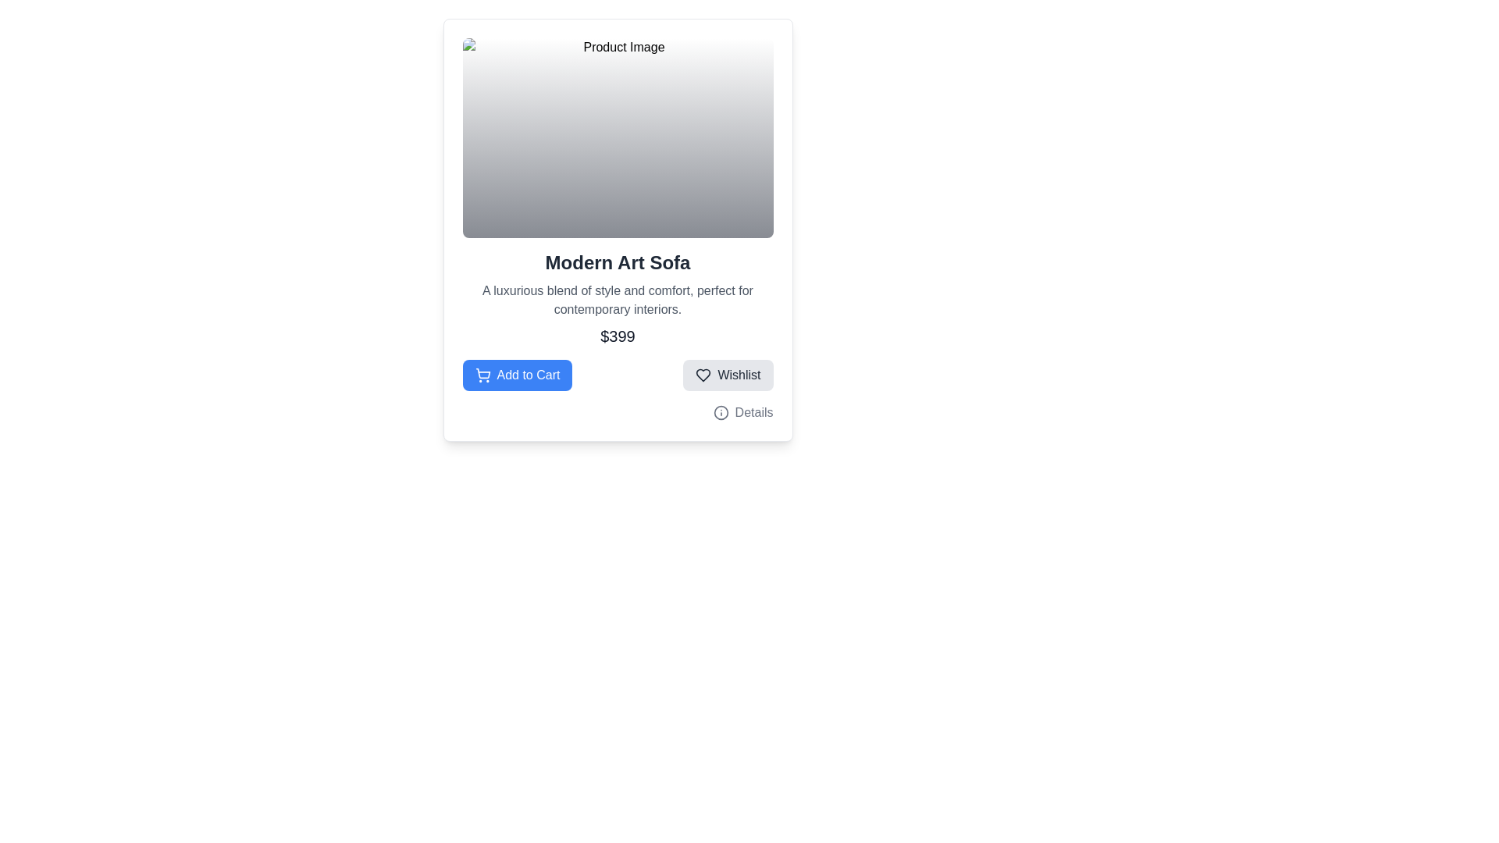  I want to click on the 'Add to Cart' text label located within the blue button at the bottom-left corner of the product card interface, so click(528, 375).